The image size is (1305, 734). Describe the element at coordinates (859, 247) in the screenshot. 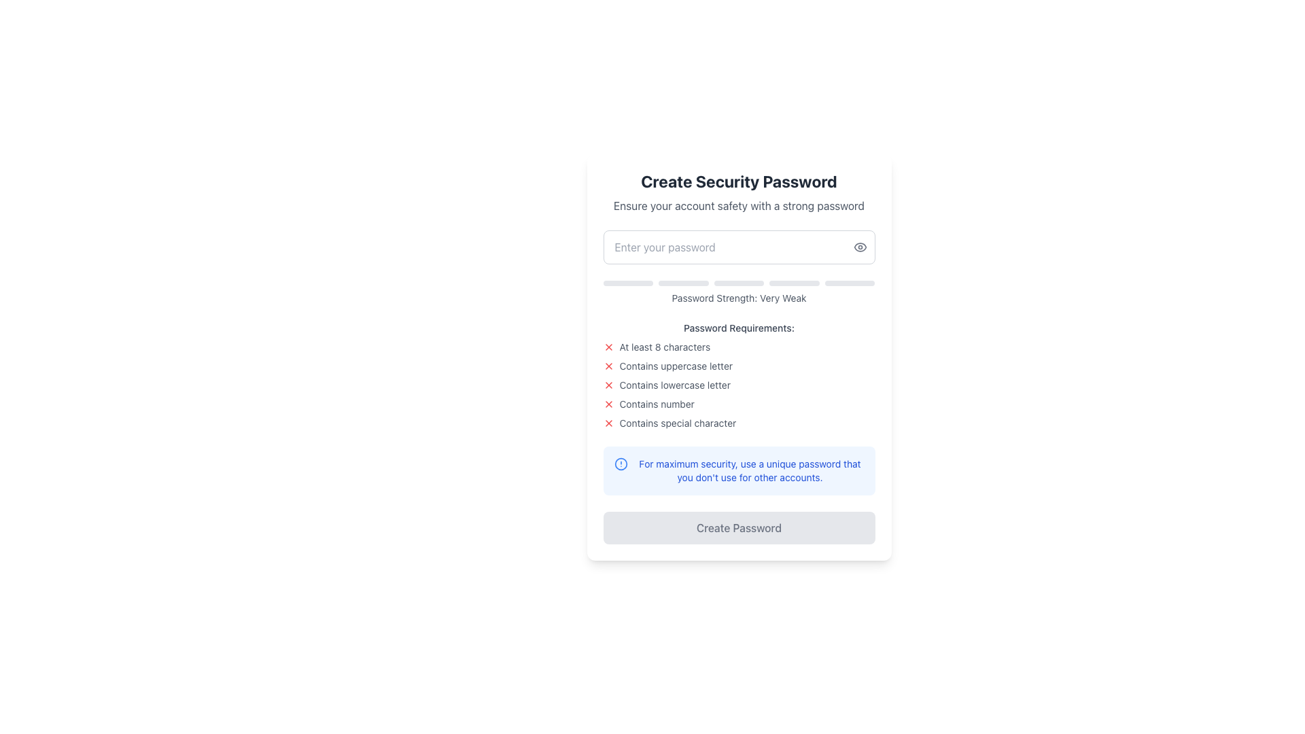

I see `the small eye icon button positioned to the right of the password input field to trigger its color change` at that location.